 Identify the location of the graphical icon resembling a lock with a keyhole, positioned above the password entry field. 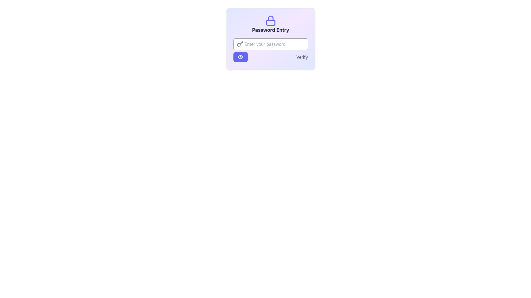
(270, 18).